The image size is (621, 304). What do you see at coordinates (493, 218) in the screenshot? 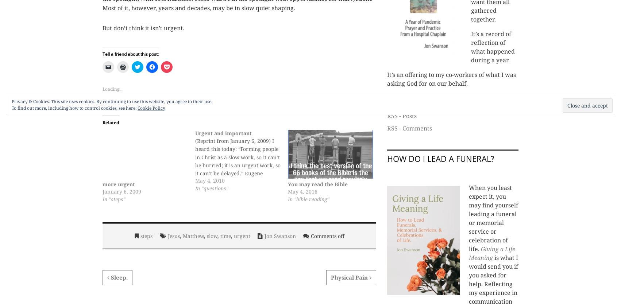
I see `'When you least expect it, you may find yourself leading a funeral or memorial service or celebration of life.'` at bounding box center [493, 218].